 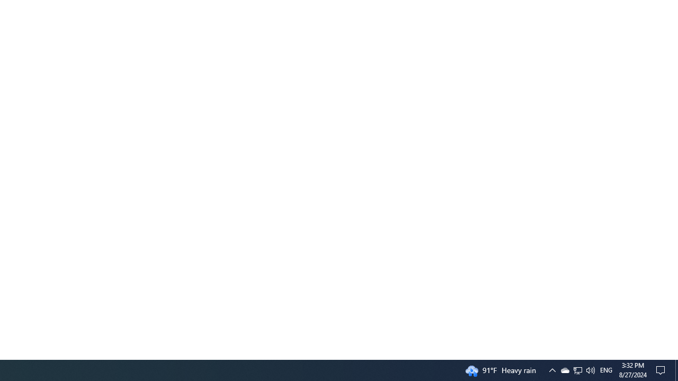 What do you see at coordinates (676, 369) in the screenshot?
I see `'Action Center, No new notifications'` at bounding box center [676, 369].